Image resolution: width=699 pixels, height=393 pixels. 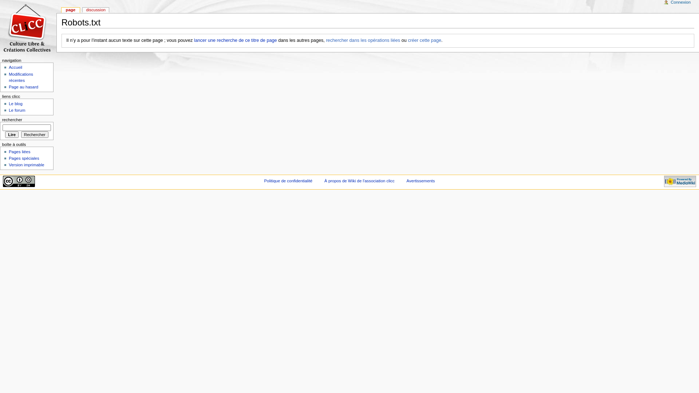 What do you see at coordinates (21, 135) in the screenshot?
I see `'Rechercher les pages comportant ce texte.'` at bounding box center [21, 135].